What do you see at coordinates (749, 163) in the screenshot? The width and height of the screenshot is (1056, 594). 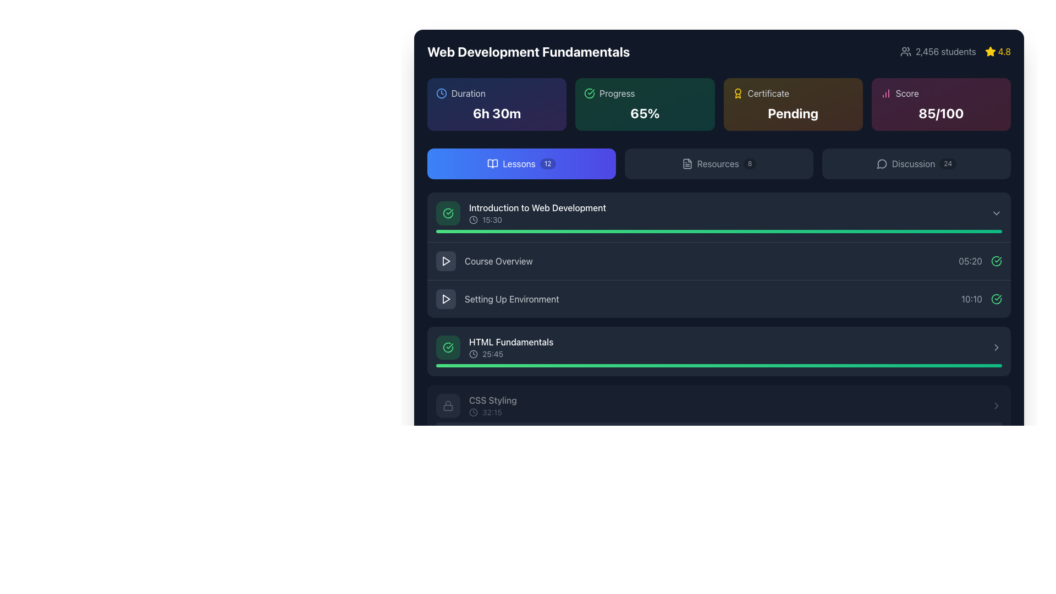 I see `the badge displaying the numeral '8' located near the top-right corner of the 'Resources' card in the navigation bar` at bounding box center [749, 163].